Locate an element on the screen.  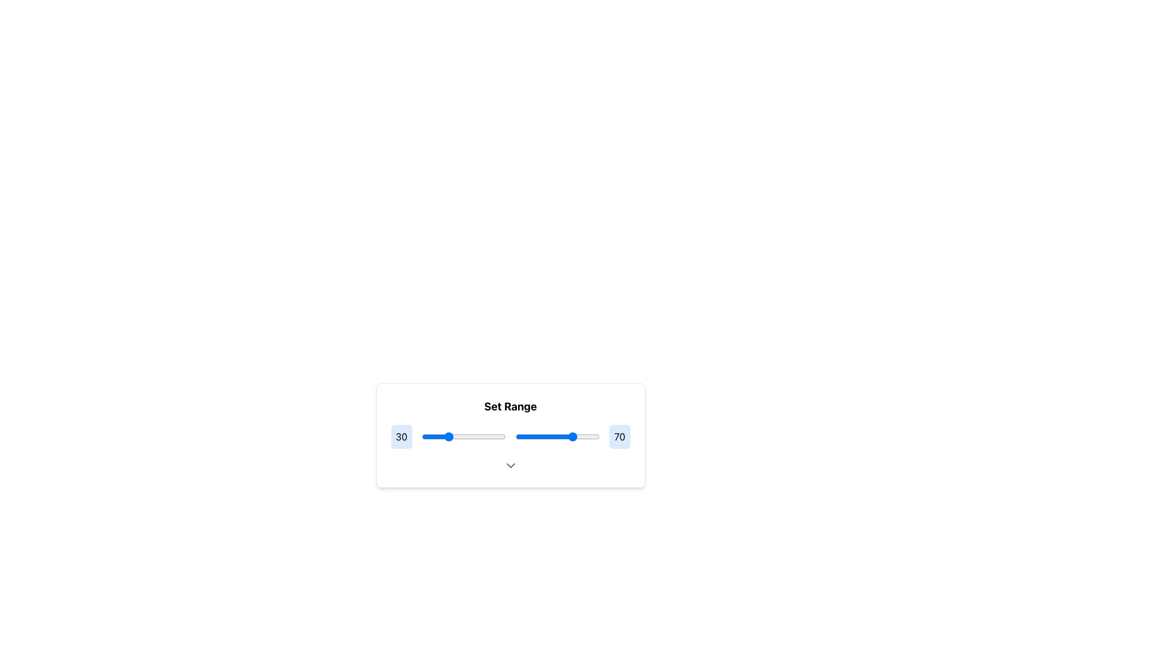
the start value of the range slider is located at coordinates (503, 436).